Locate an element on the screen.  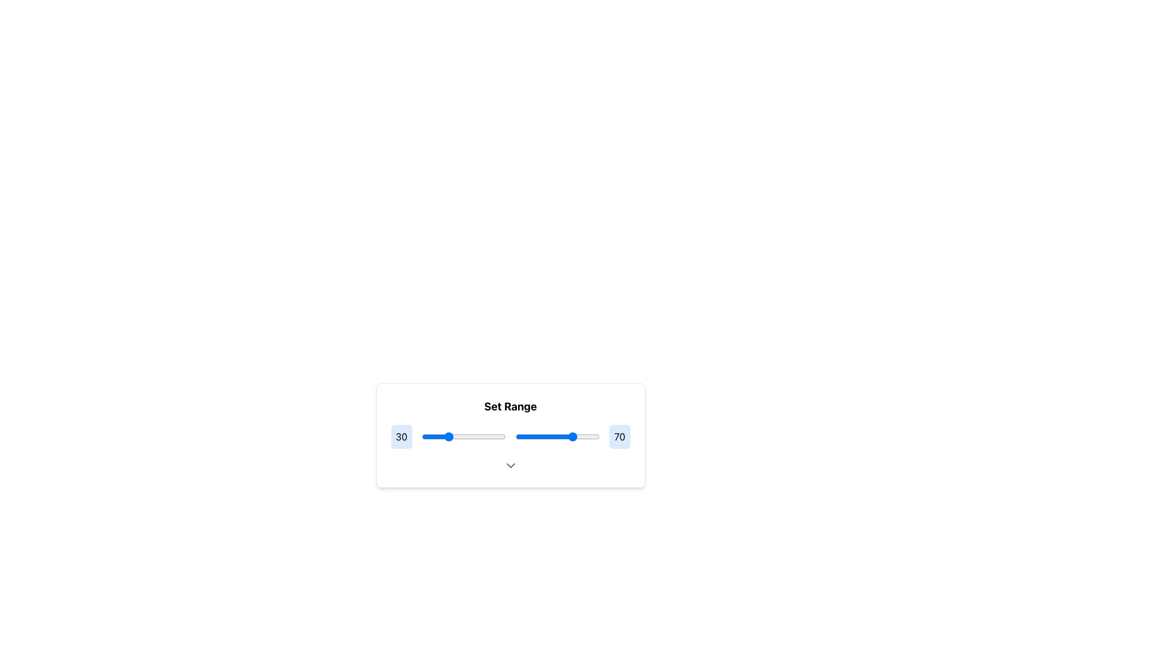
the start value of the range slider is located at coordinates (503, 436).